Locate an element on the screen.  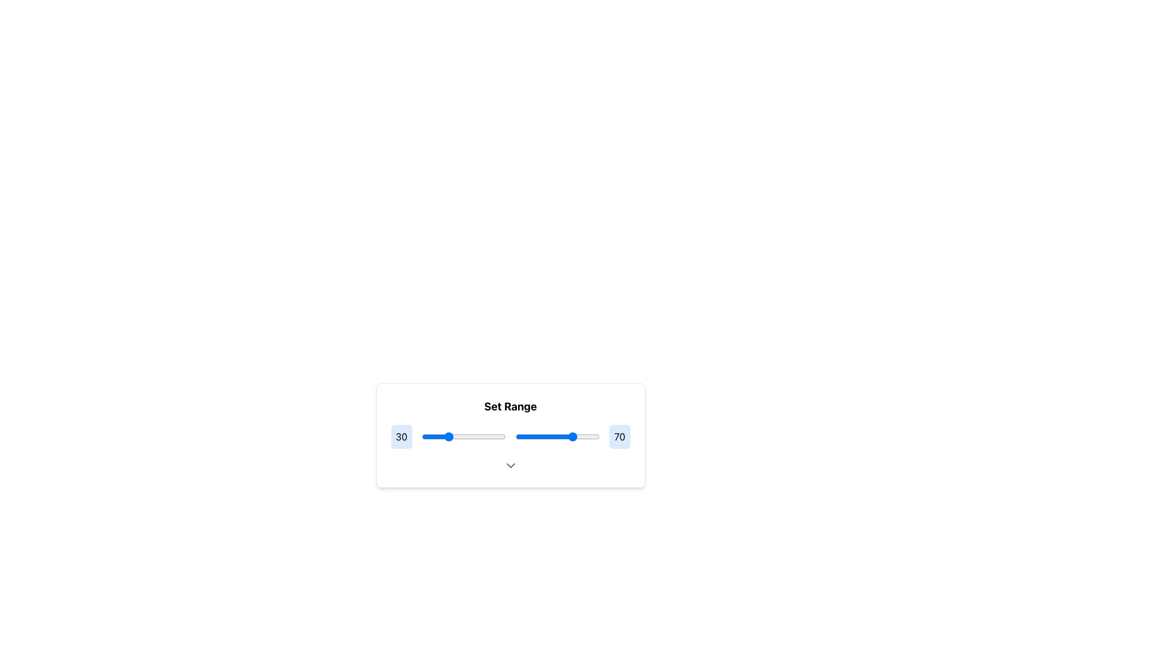
the start value of the range slider is located at coordinates (503, 436).